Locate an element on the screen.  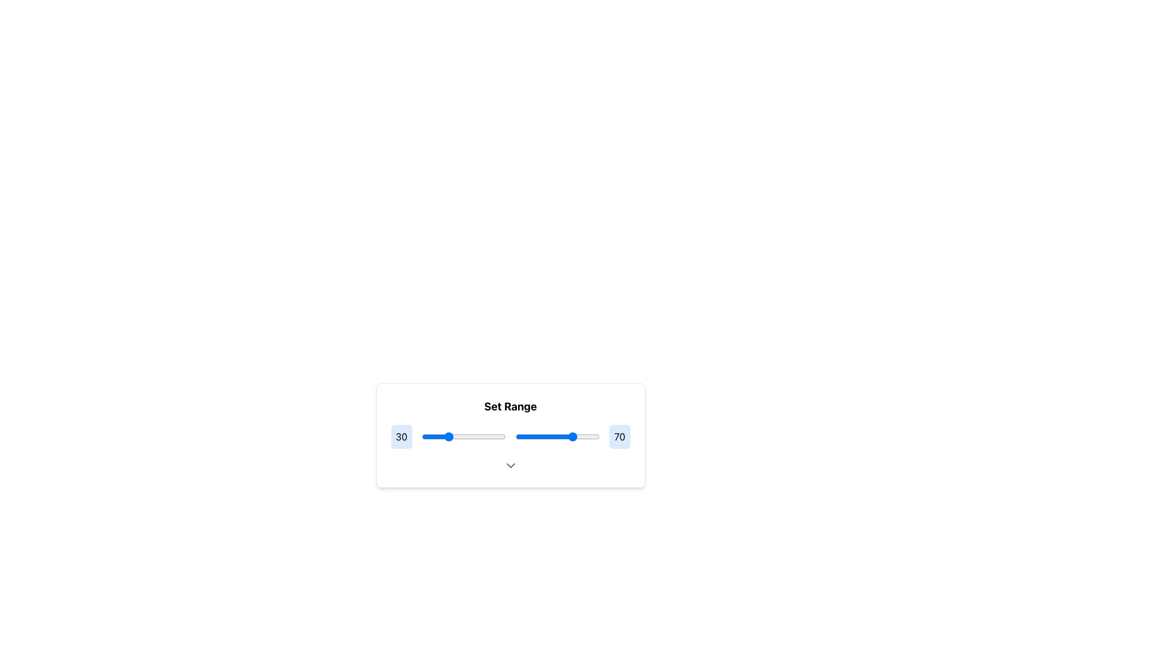
the start value of the range slider is located at coordinates (503, 436).